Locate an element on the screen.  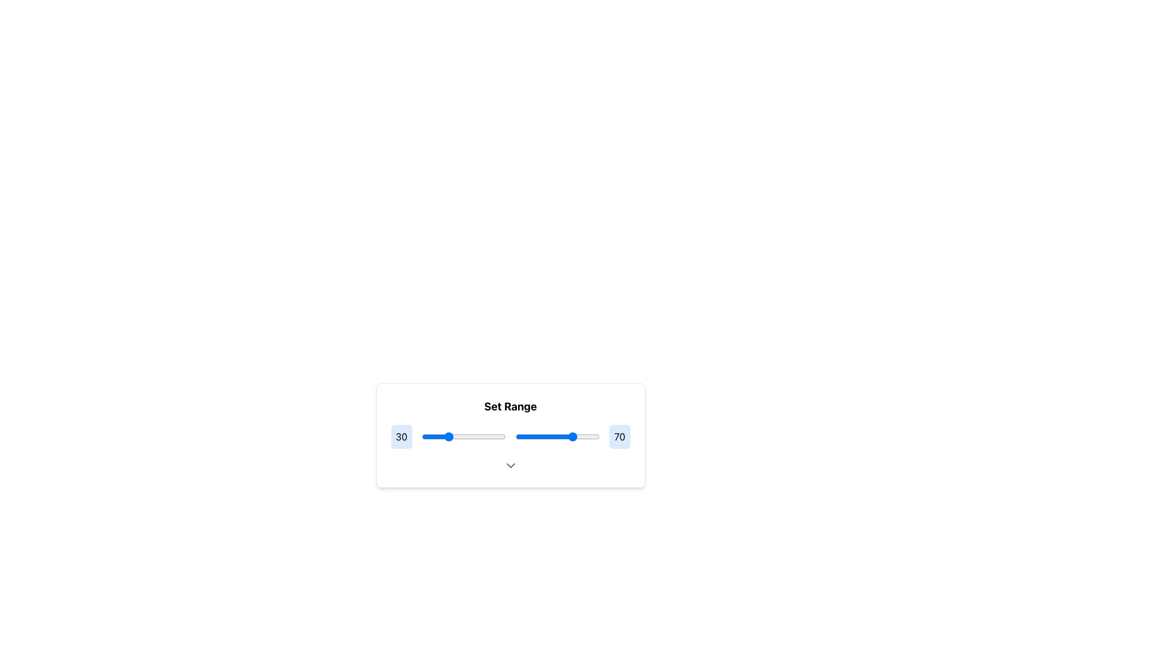
the start value of the range slider is located at coordinates (503, 436).